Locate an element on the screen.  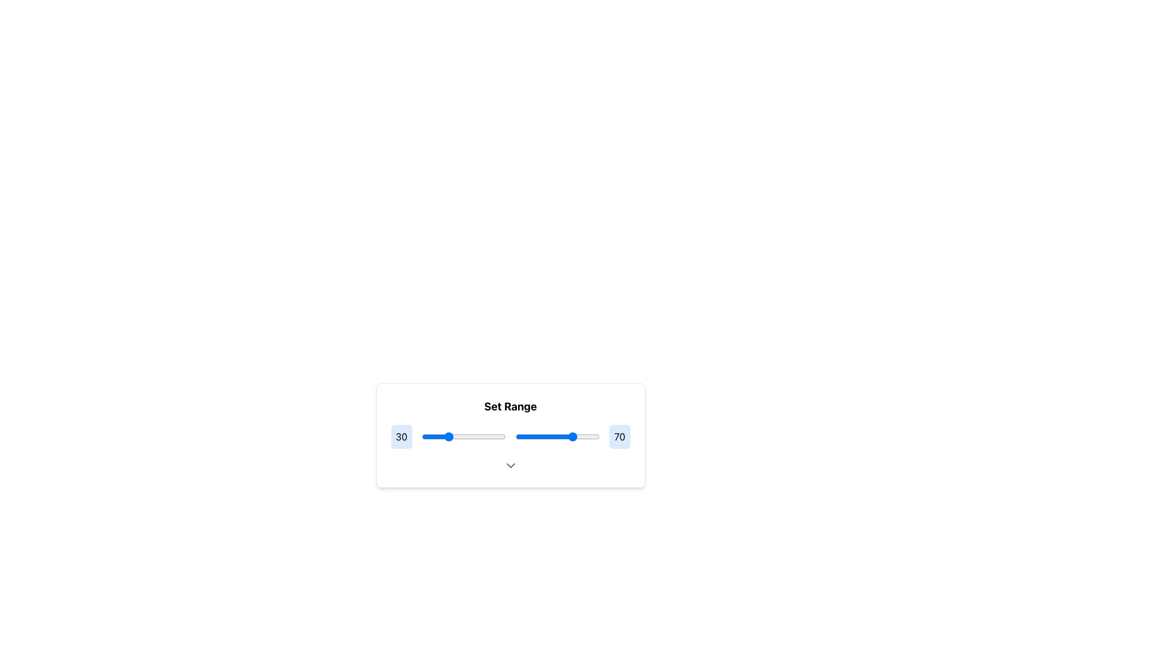
the start value of the range slider is located at coordinates (503, 436).